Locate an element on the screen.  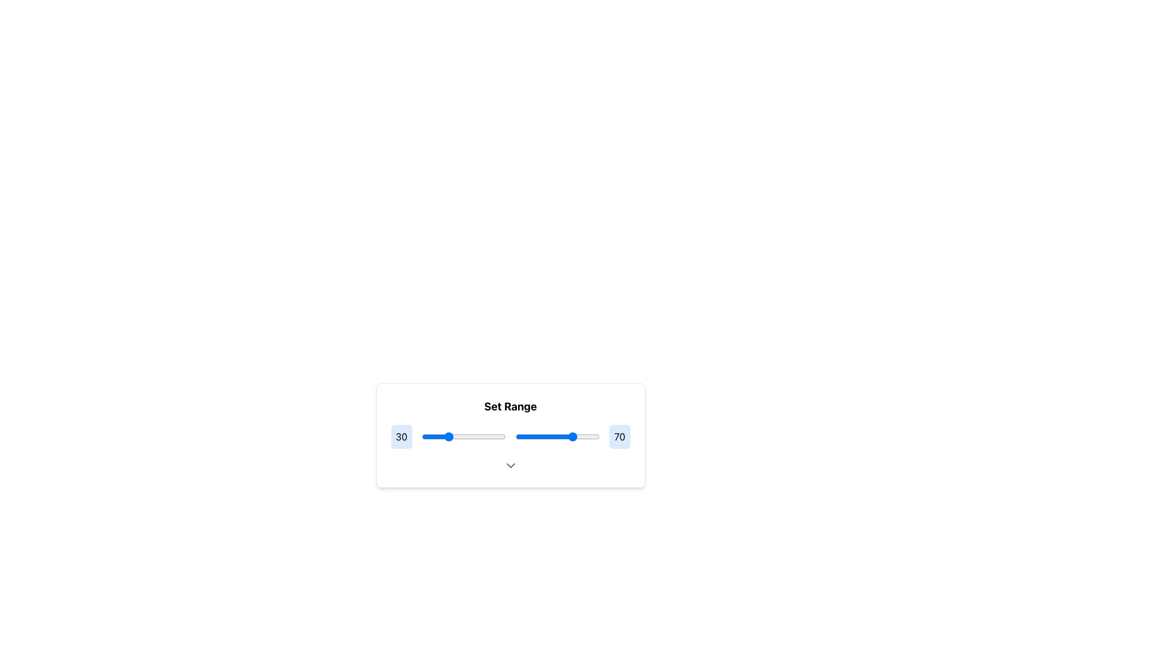
the start value of the range slider is located at coordinates (503, 436).